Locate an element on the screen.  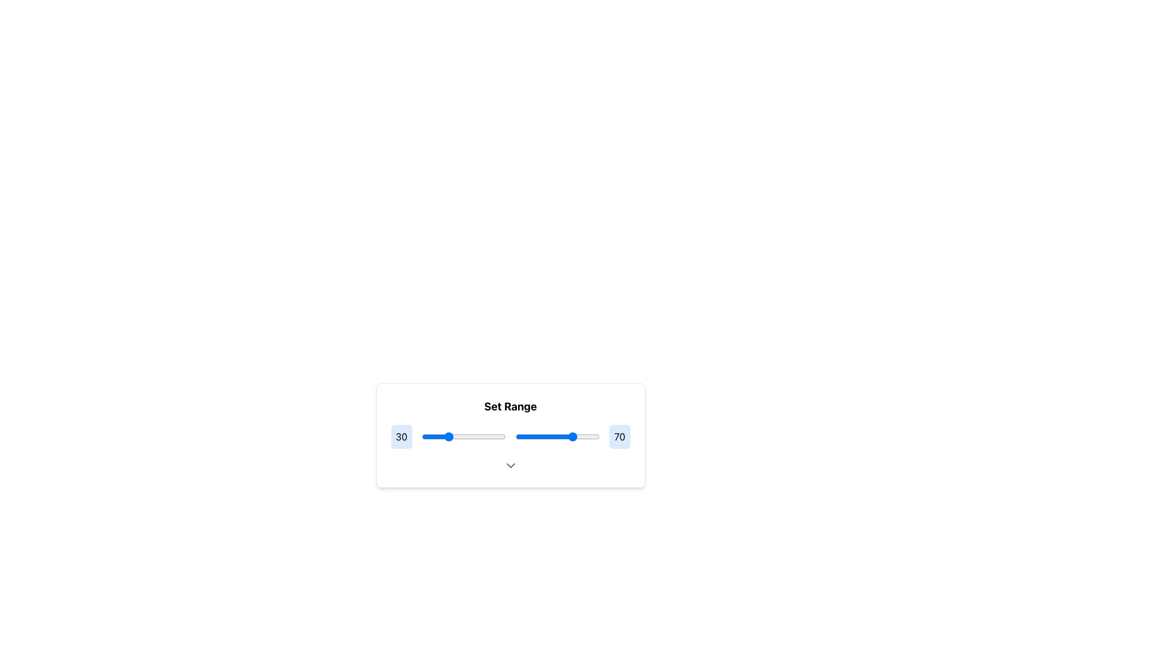
the start value of the range slider is located at coordinates (503, 436).